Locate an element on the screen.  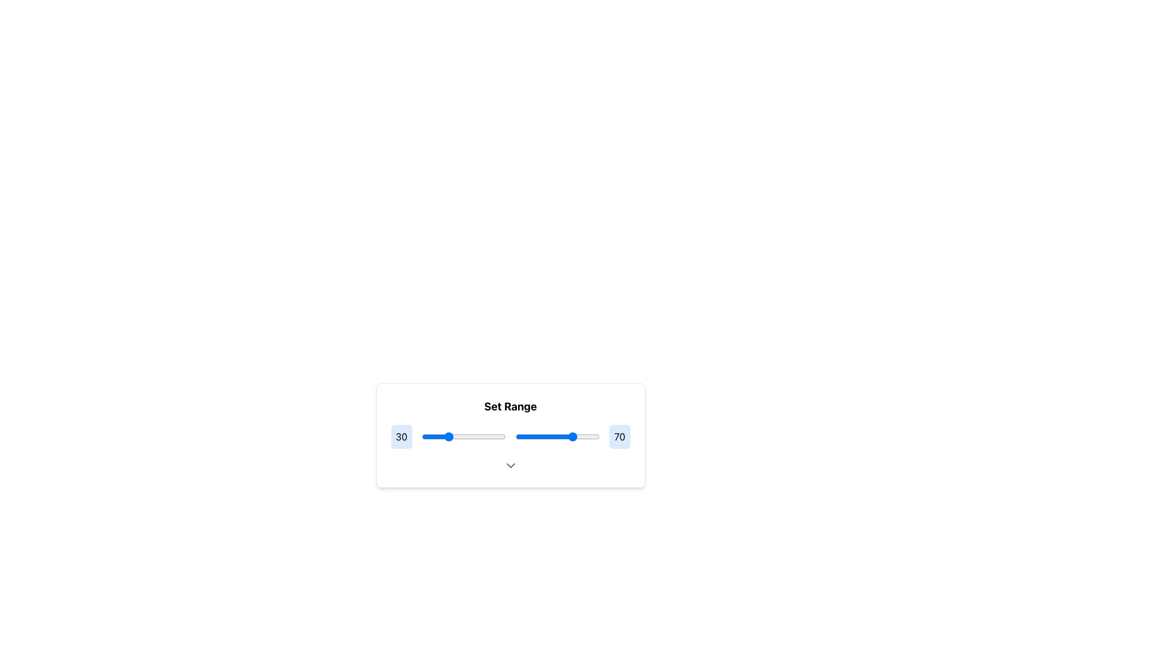
the start value of the range slider is located at coordinates (503, 436).